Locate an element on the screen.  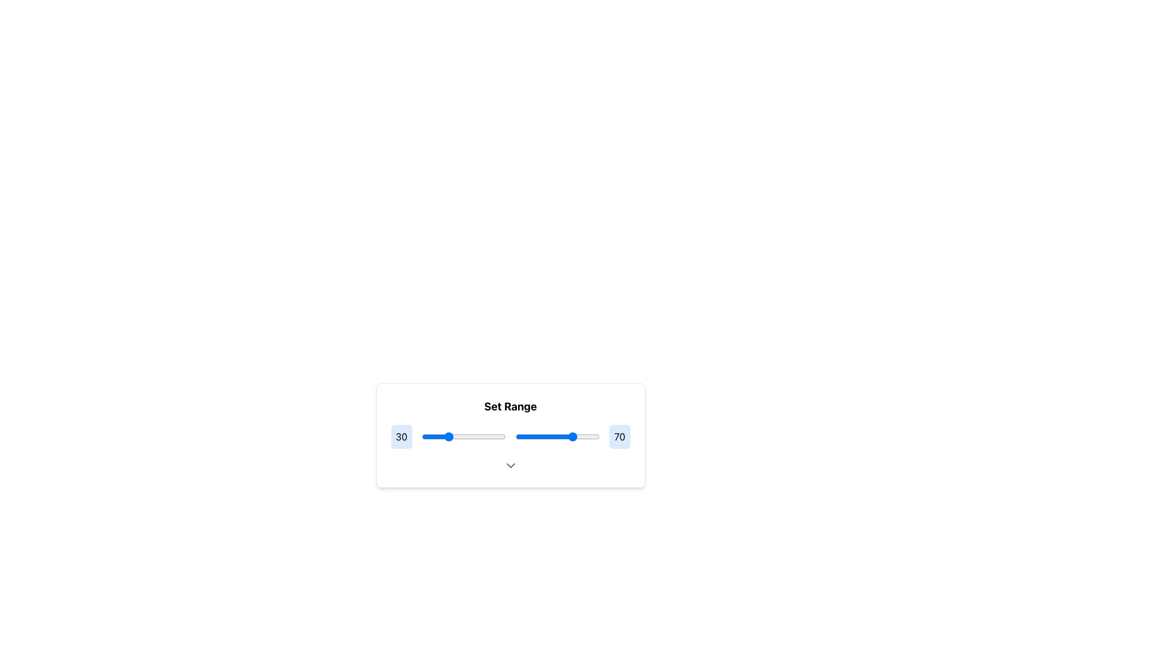
the start value of the range slider is located at coordinates (503, 436).